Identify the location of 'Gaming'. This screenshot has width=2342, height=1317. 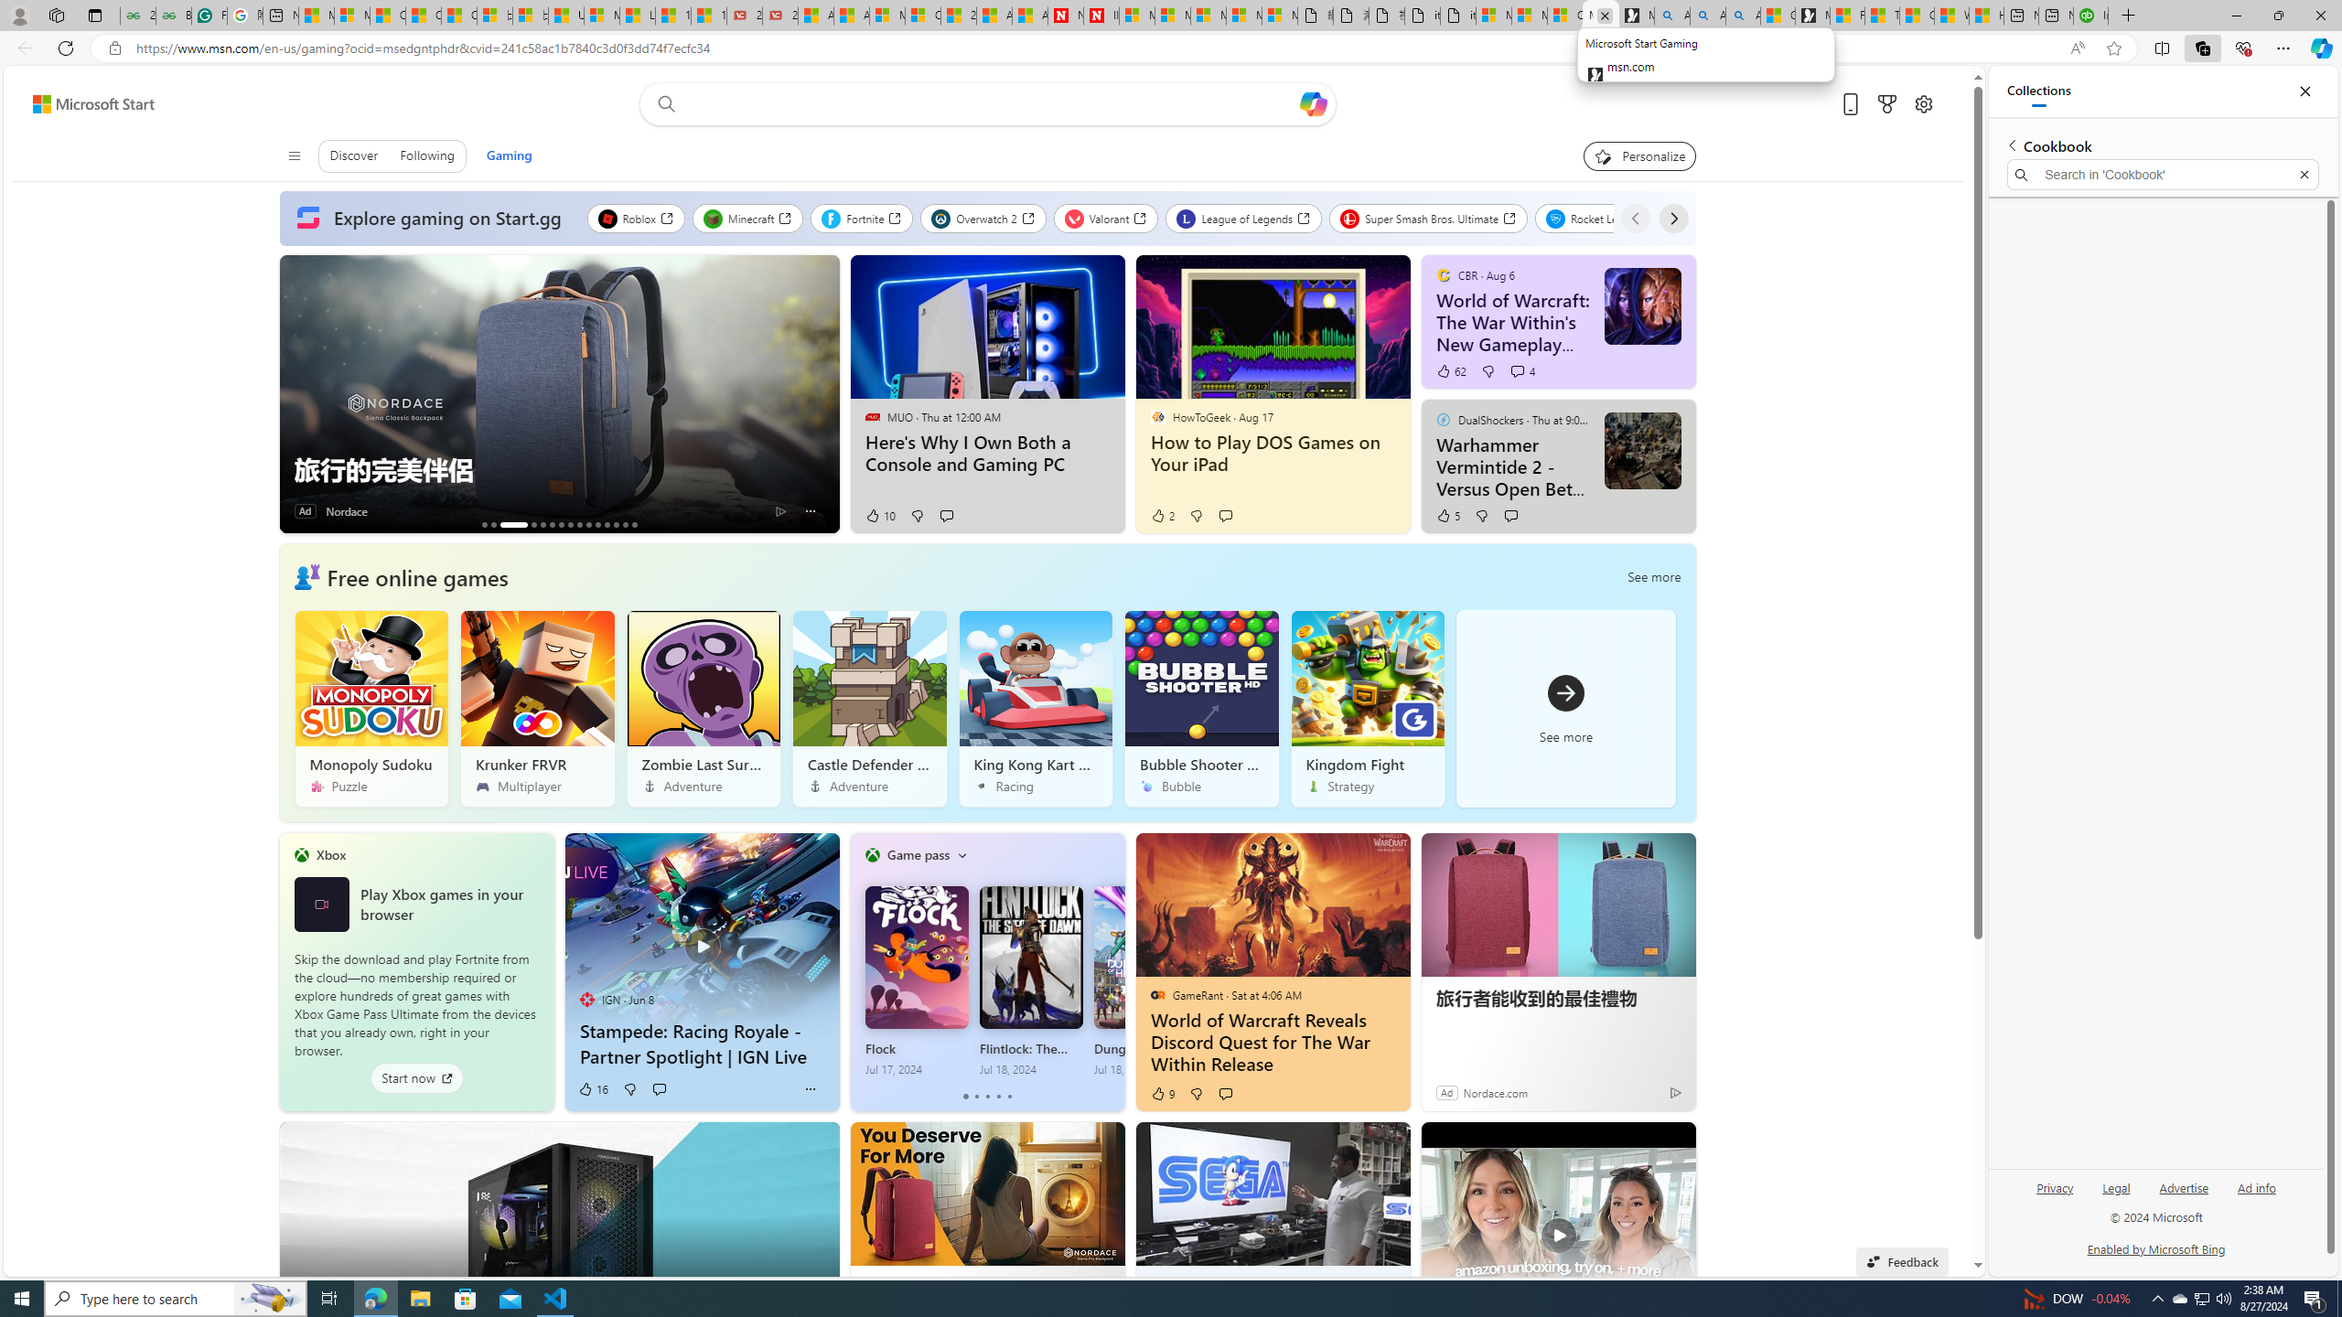
(508, 154).